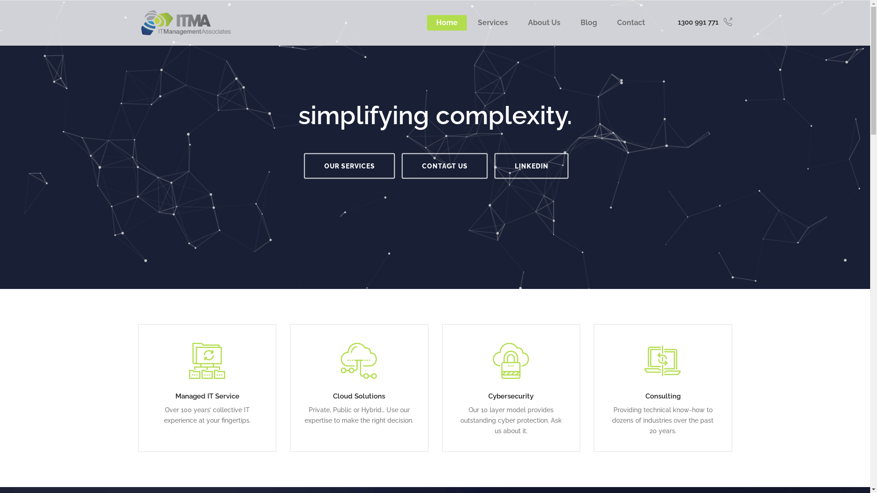  What do you see at coordinates (446, 22) in the screenshot?
I see `'Home'` at bounding box center [446, 22].